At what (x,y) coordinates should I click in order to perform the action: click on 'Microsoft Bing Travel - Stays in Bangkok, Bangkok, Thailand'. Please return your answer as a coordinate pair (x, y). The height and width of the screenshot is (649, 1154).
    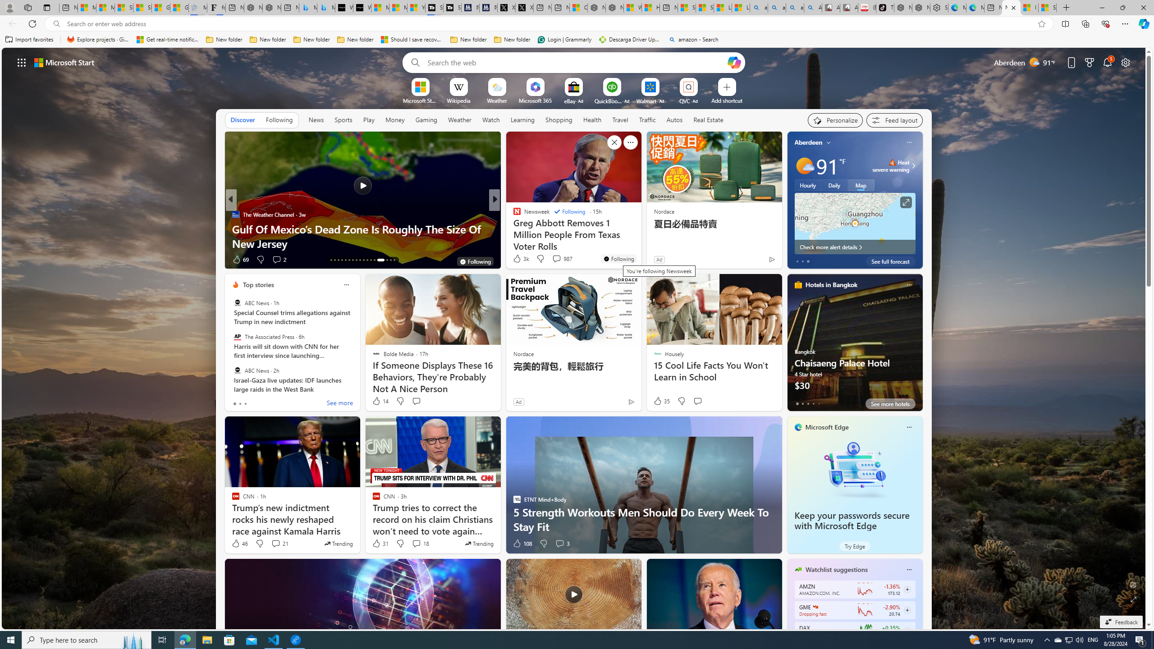
    Looking at the image, I should click on (307, 7).